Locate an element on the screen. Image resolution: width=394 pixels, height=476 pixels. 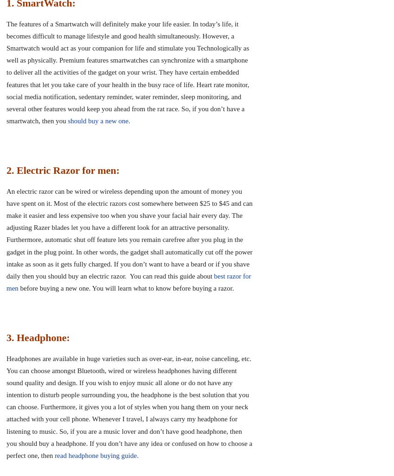
'The features of a Smartwatch will definitely make your life easier. In today’s life, it becomes difficult to manage lifestyle and good health simultaneously. However, a Smartwatch would act as your companion for life and stimulate you Technologically as well as physically. Premium features smartwatches can synchronize with a smartphone to deliver all the activities of the gadget on your wrist. They have certain embedded features that let you take care of your health in the busy race of life. Heart rate monitor, social media notification, sedentary reminder, water reminder, sleep monitoring, and several other features would keep you ahead from the rat race. So, if you don’t have a smartwatch, then you' is located at coordinates (127, 72).